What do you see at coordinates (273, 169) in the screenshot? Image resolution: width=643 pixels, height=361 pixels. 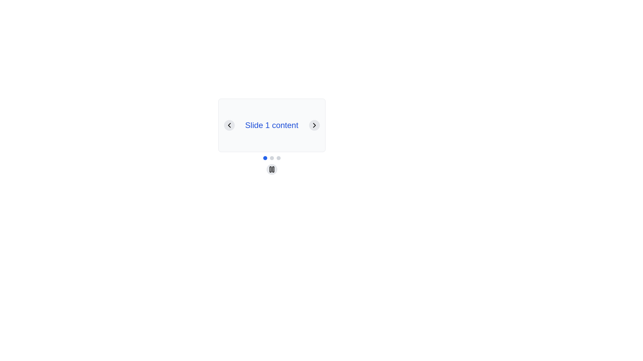 I see `the right-hand rectangle bar of the SVG icon representing the pause symbol` at bounding box center [273, 169].